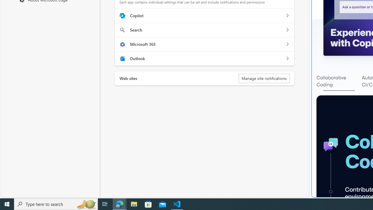 The width and height of the screenshot is (373, 210). What do you see at coordinates (331, 144) in the screenshot?
I see `'GitHub Collaboration Icon'` at bounding box center [331, 144].